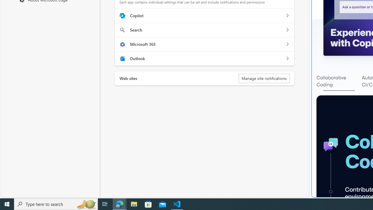 The width and height of the screenshot is (373, 210). What do you see at coordinates (331, 144) in the screenshot?
I see `'GitHub Collaboration Icon'` at bounding box center [331, 144].